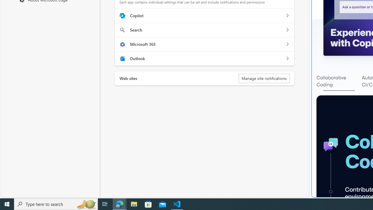 The width and height of the screenshot is (373, 210). What do you see at coordinates (331, 144) in the screenshot?
I see `'GitHub Collaboration Icon'` at bounding box center [331, 144].